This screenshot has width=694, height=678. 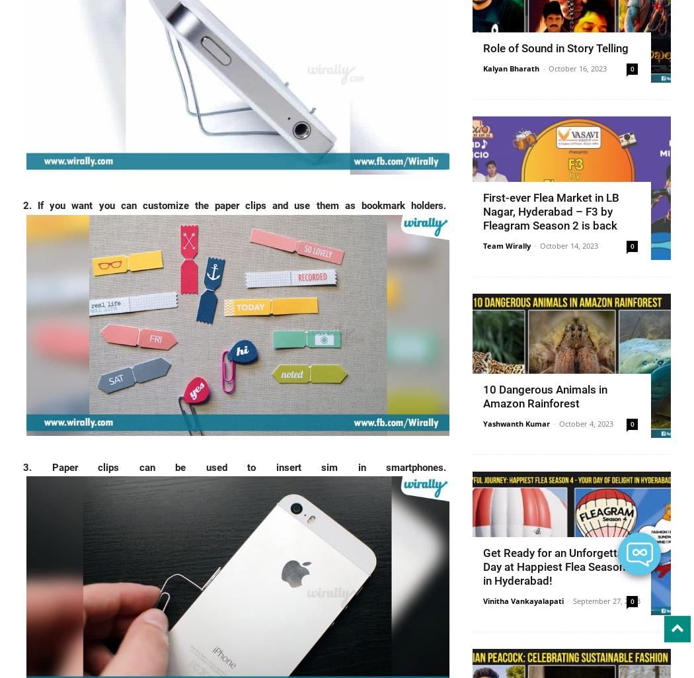 What do you see at coordinates (234, 466) in the screenshot?
I see `'3. Paper clips can be used to insert sim in smartphones.'` at bounding box center [234, 466].